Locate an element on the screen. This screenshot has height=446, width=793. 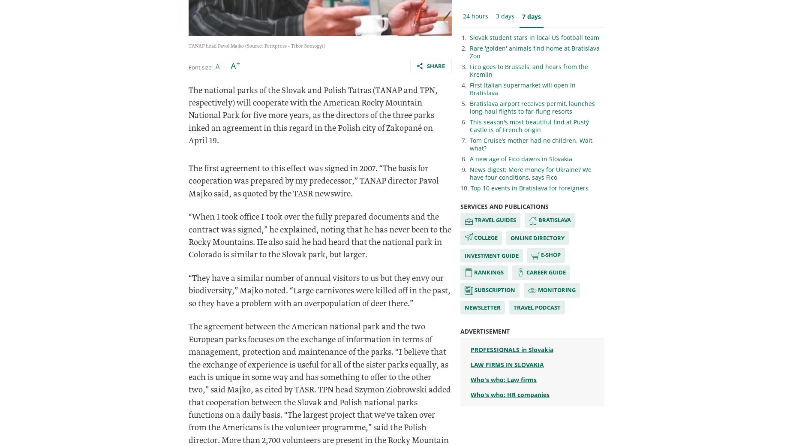
'9.' is located at coordinates (463, 170).